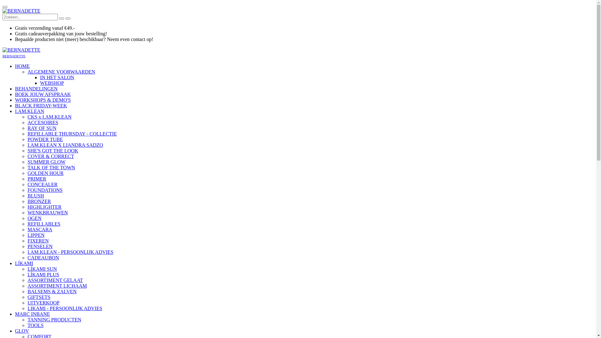 The width and height of the screenshot is (601, 338). I want to click on 'TALK OF THE TOWN', so click(51, 167).